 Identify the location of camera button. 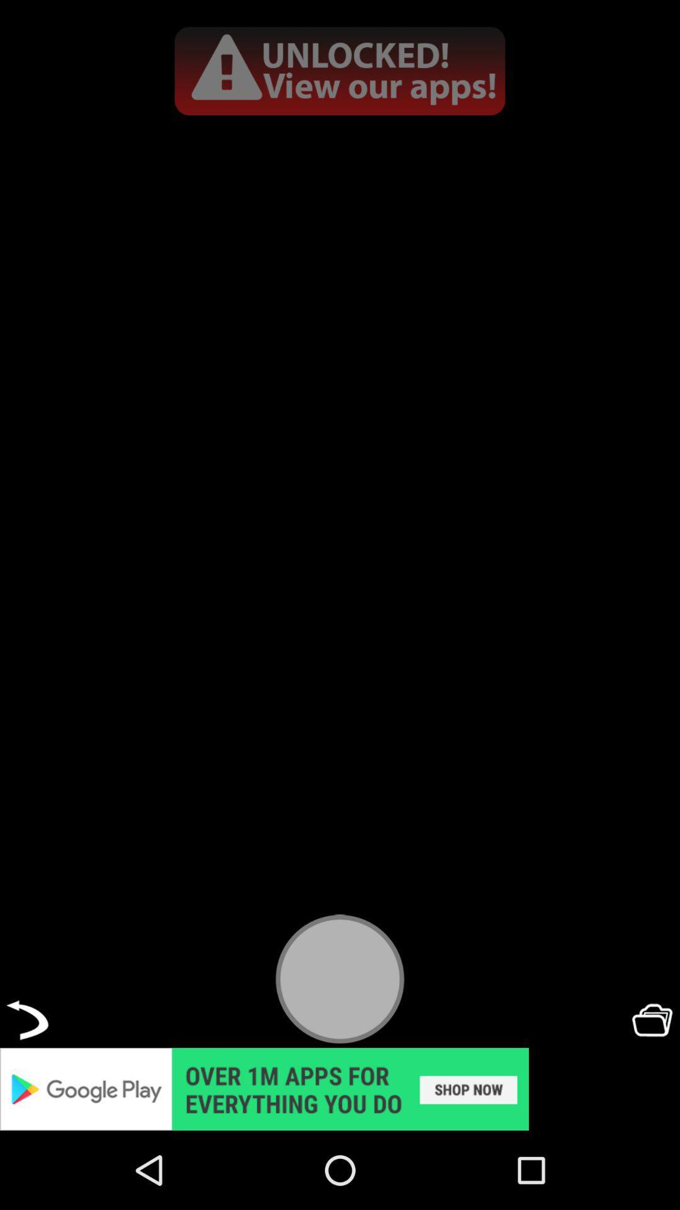
(340, 978).